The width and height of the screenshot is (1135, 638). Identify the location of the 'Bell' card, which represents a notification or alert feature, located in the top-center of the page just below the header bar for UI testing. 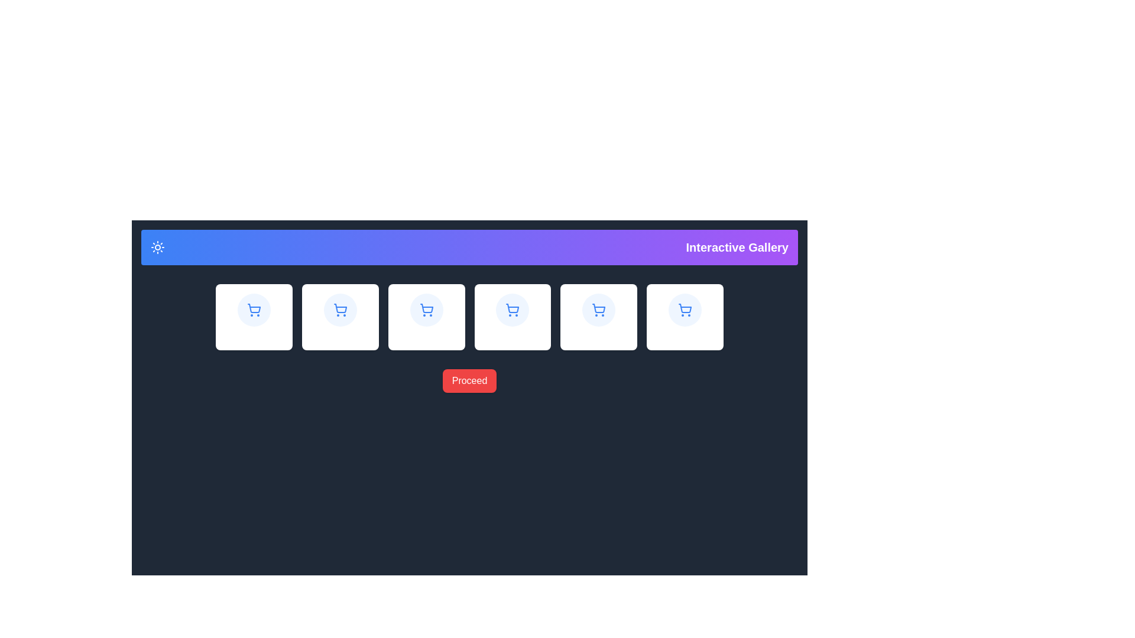
(339, 316).